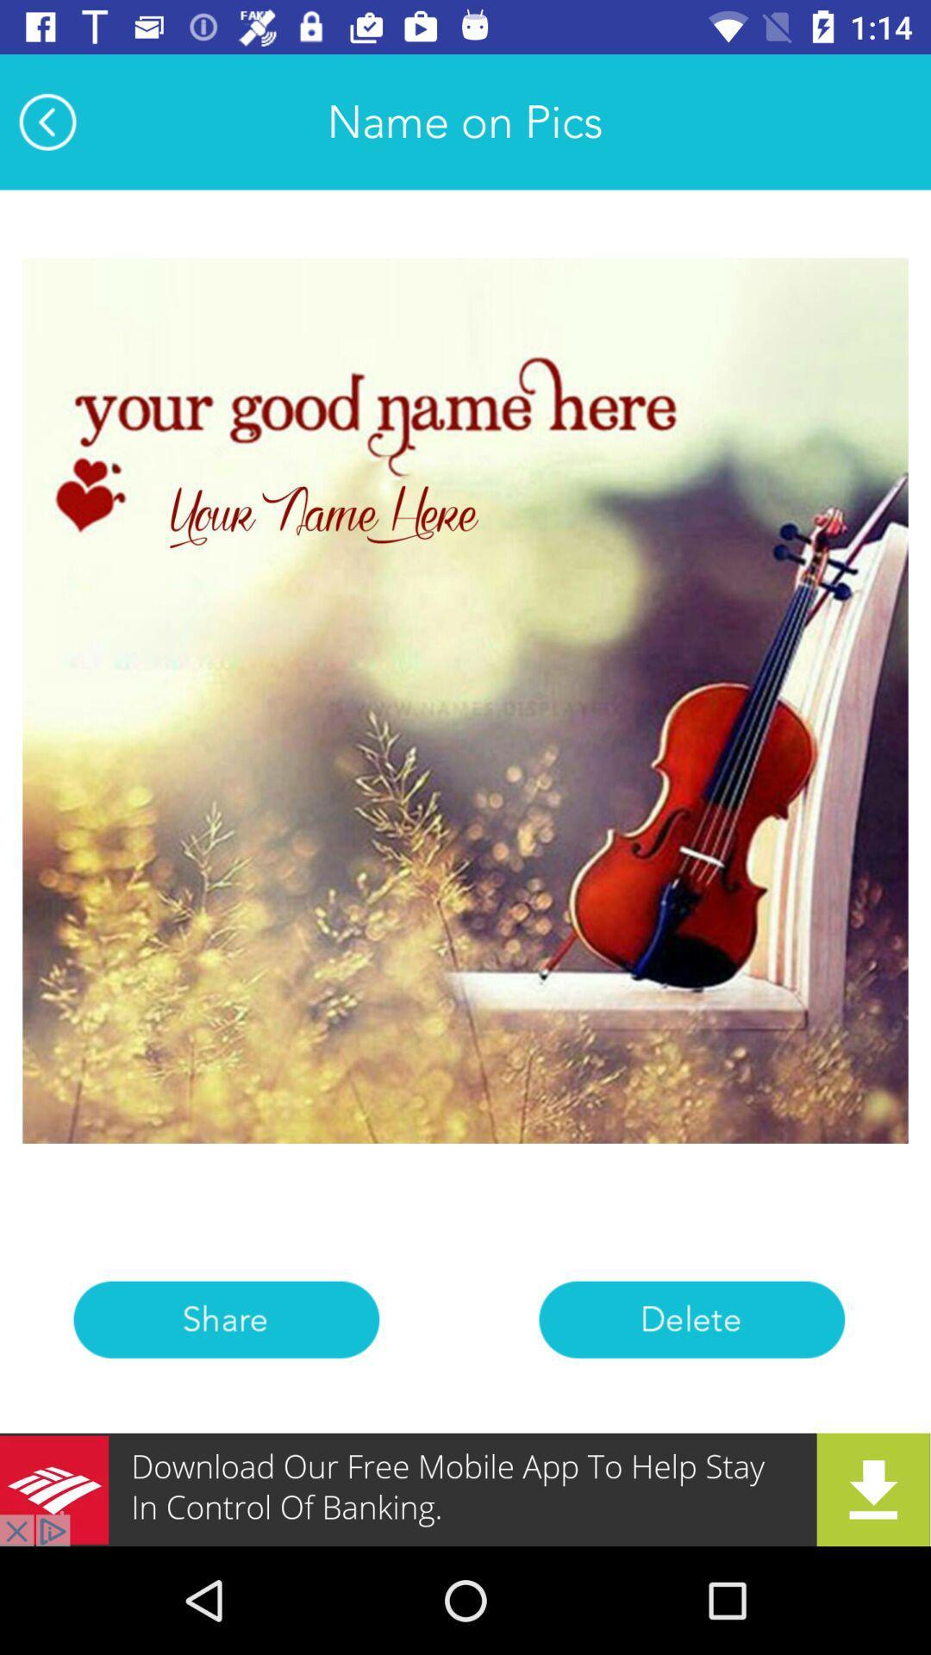 The height and width of the screenshot is (1655, 931). What do you see at coordinates (690, 1319) in the screenshot?
I see `delete option` at bounding box center [690, 1319].